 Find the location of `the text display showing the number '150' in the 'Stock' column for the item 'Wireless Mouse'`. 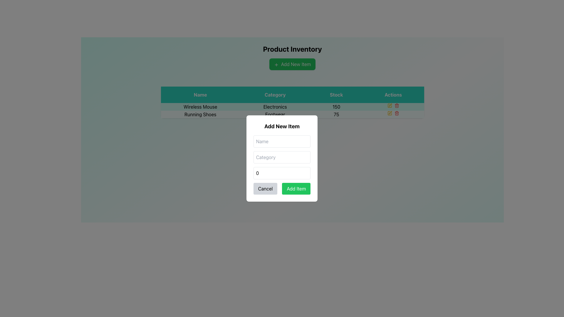

the text display showing the number '150' in the 'Stock' column for the item 'Wireless Mouse' is located at coordinates (336, 107).